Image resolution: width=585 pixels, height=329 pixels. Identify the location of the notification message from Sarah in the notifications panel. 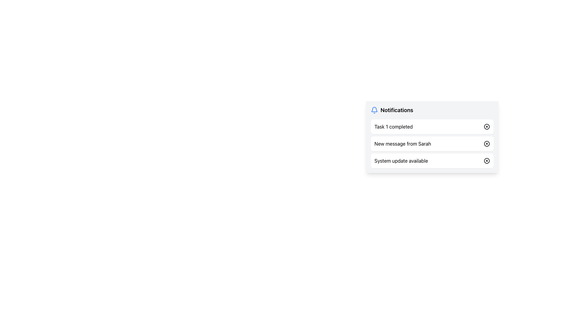
(402, 143).